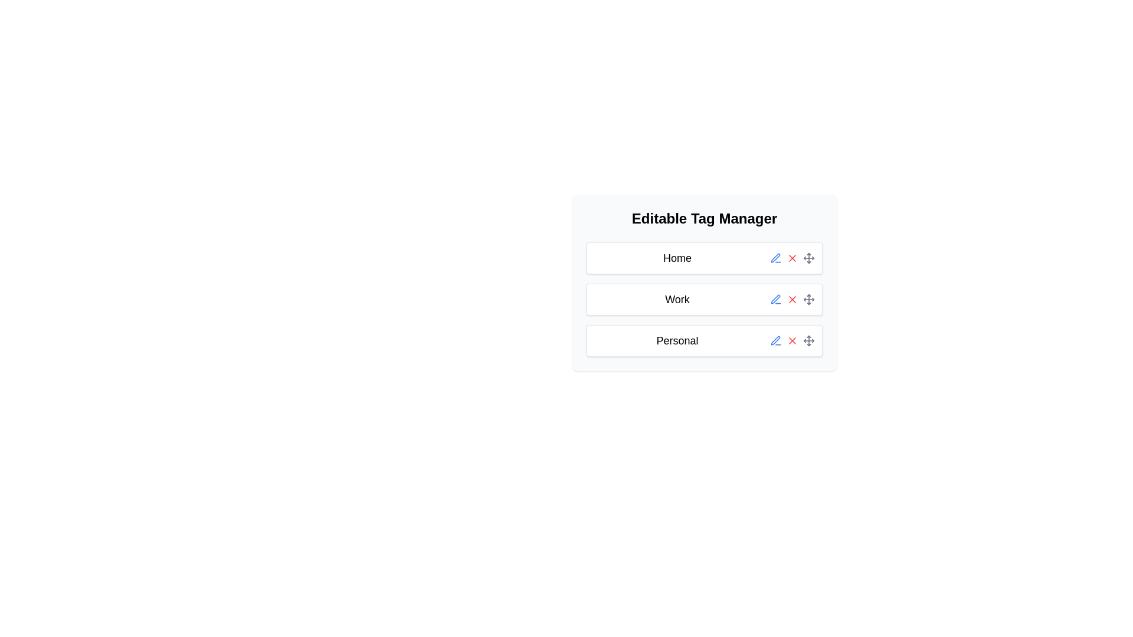 The image size is (1133, 637). Describe the element at coordinates (705, 299) in the screenshot. I see `the editable tag labeled 'Work' within the 'Editable Tag Manager'` at that location.